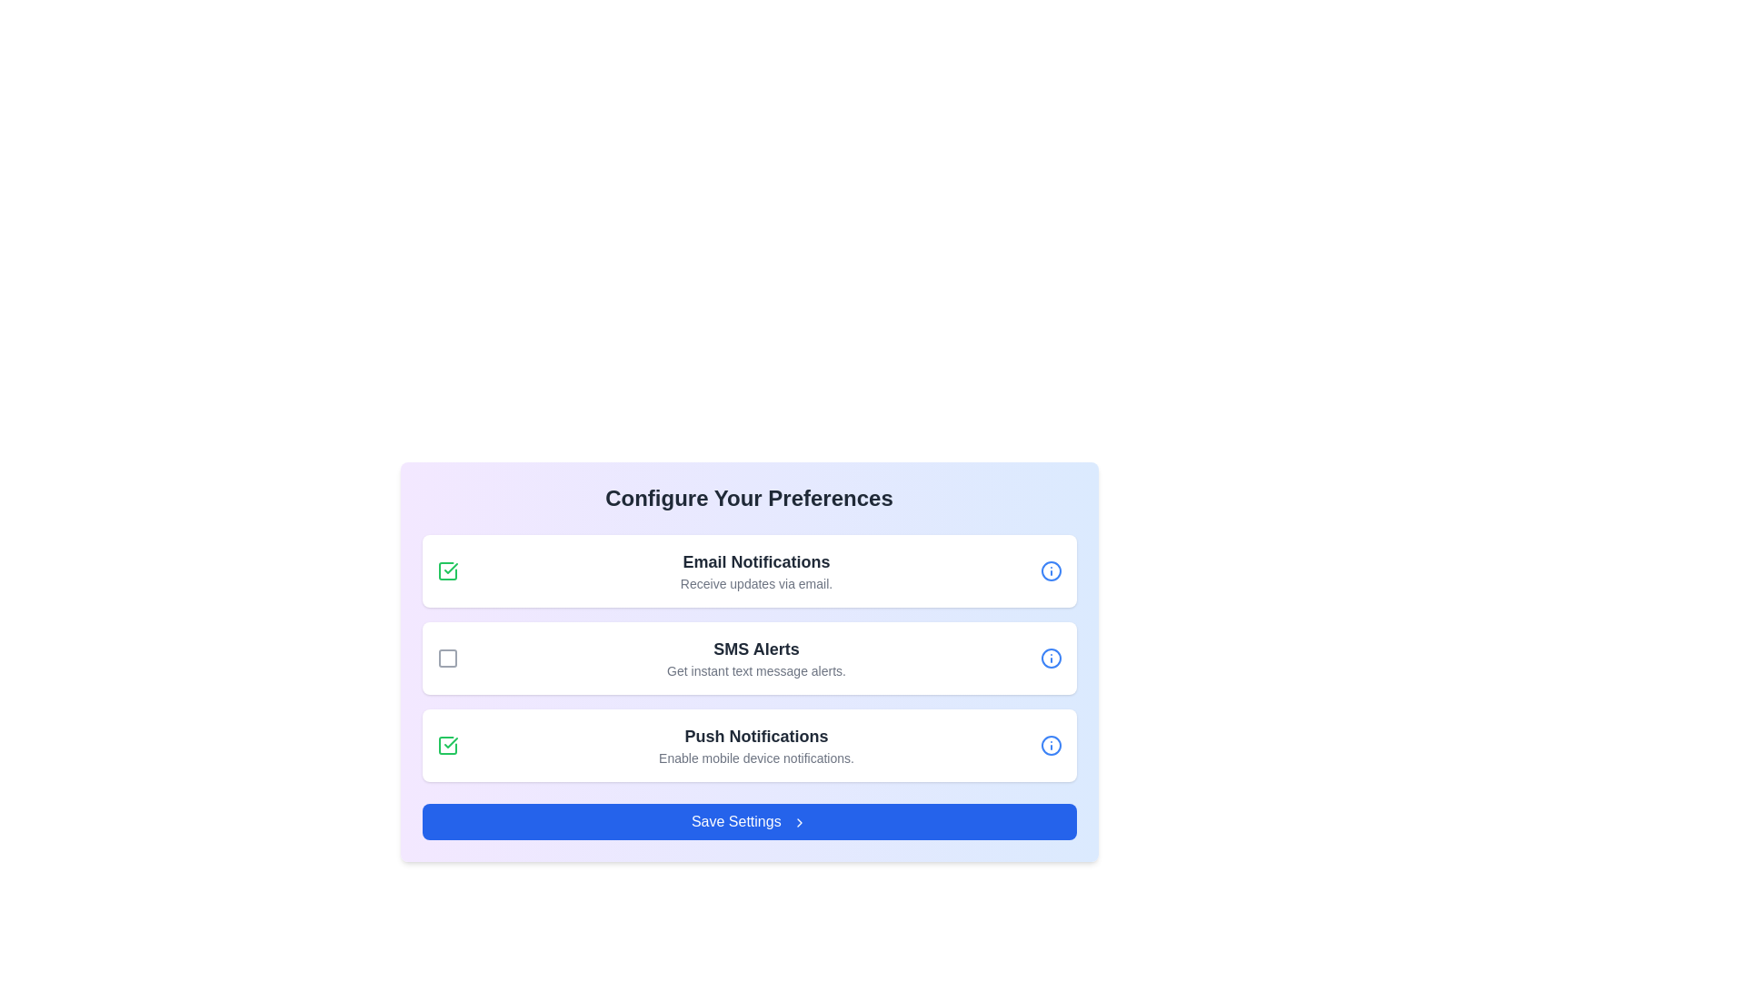  What do you see at coordinates (447, 570) in the screenshot?
I see `the green checkbox icon located to the left of 'Email Notifications Receive updates via email'` at bounding box center [447, 570].